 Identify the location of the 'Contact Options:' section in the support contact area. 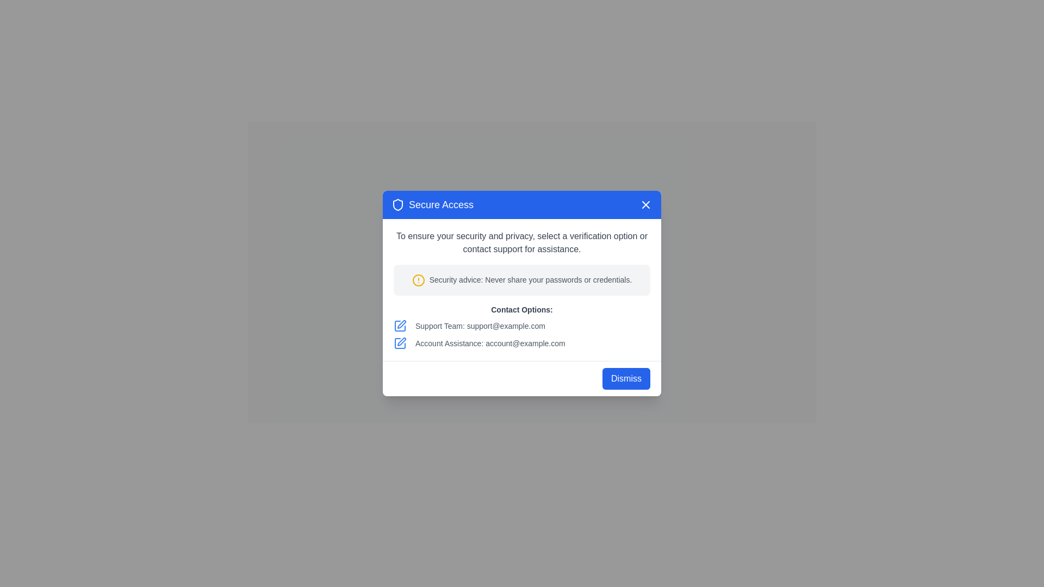
(522, 326).